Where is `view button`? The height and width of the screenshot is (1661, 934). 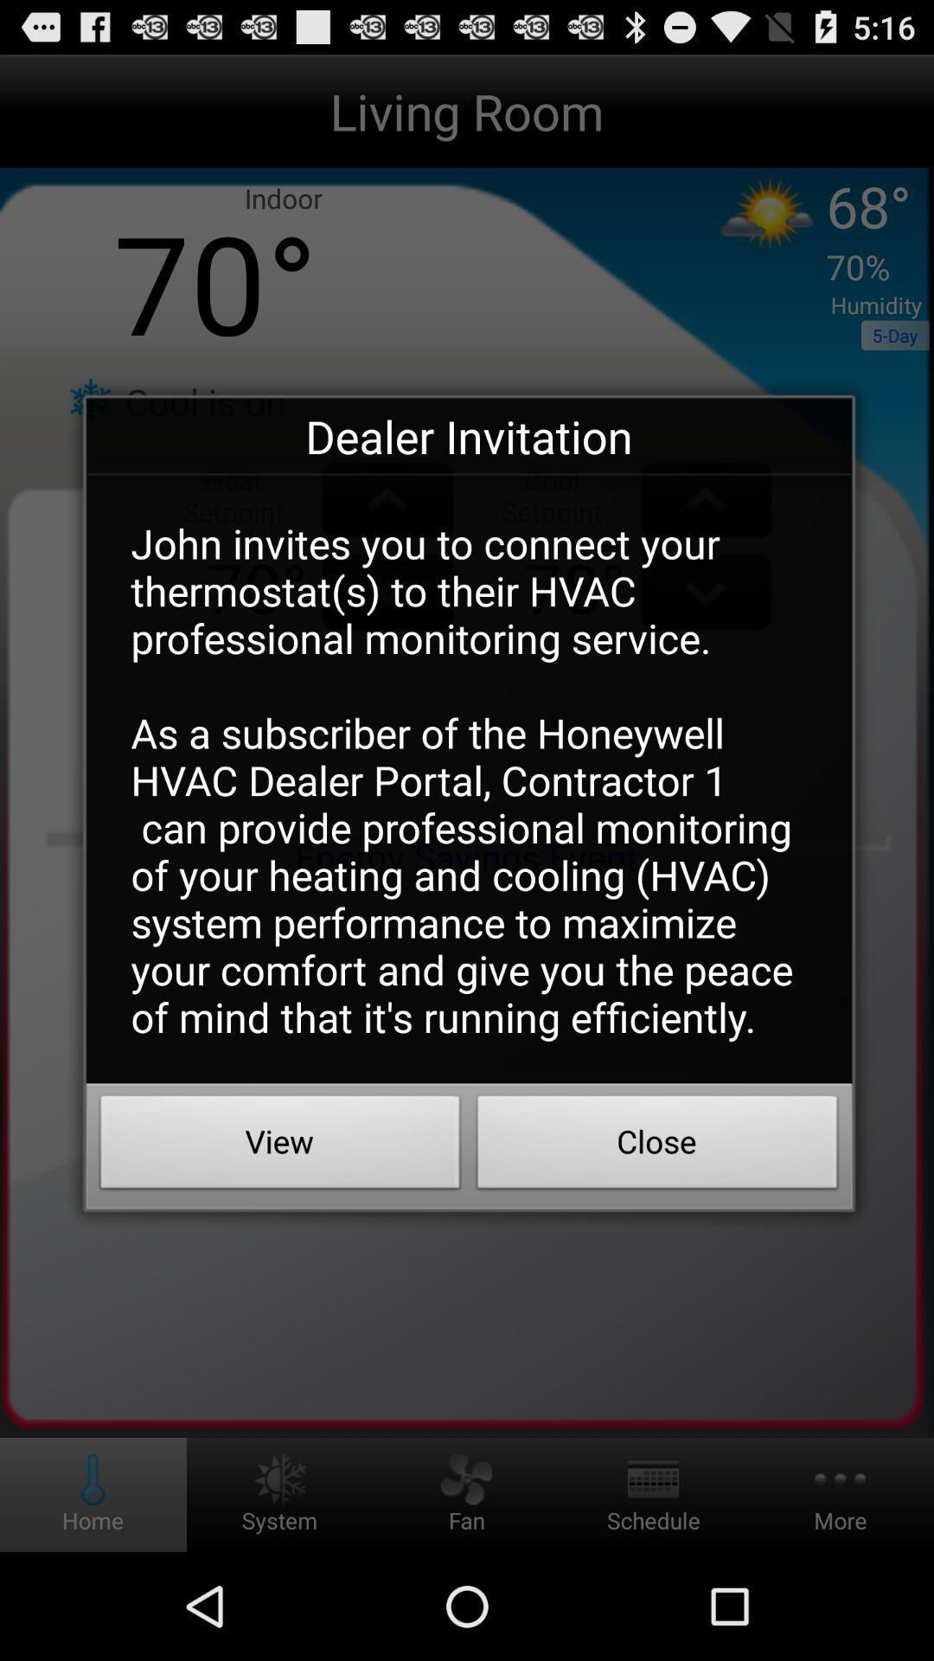
view button is located at coordinates (279, 1146).